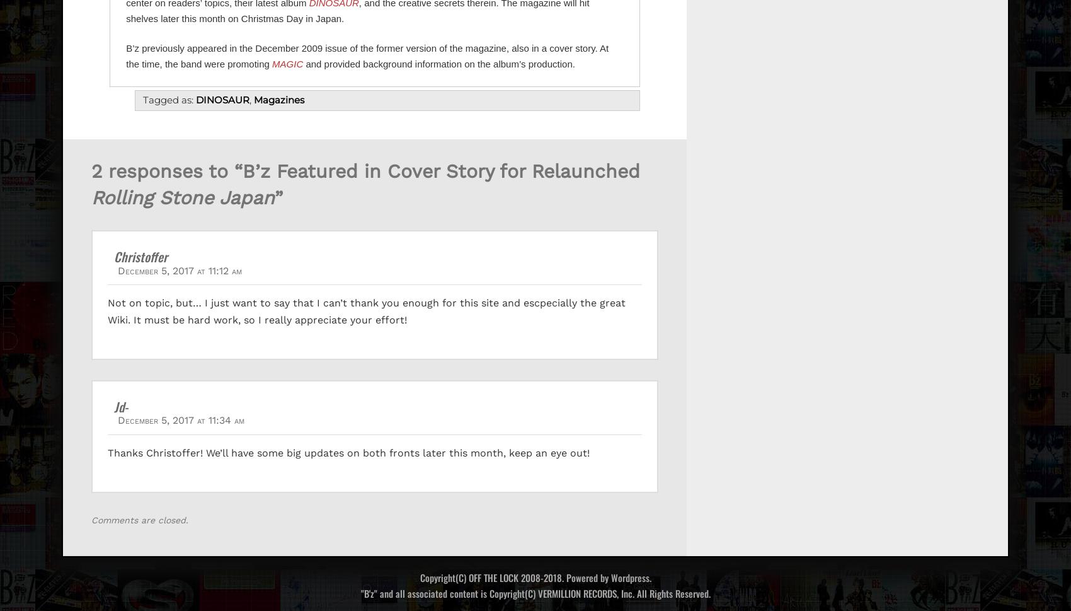  I want to click on 'Copyright(C) OFF THE LOCK 2008-2018. Powered by Wordpress.', so click(534, 577).